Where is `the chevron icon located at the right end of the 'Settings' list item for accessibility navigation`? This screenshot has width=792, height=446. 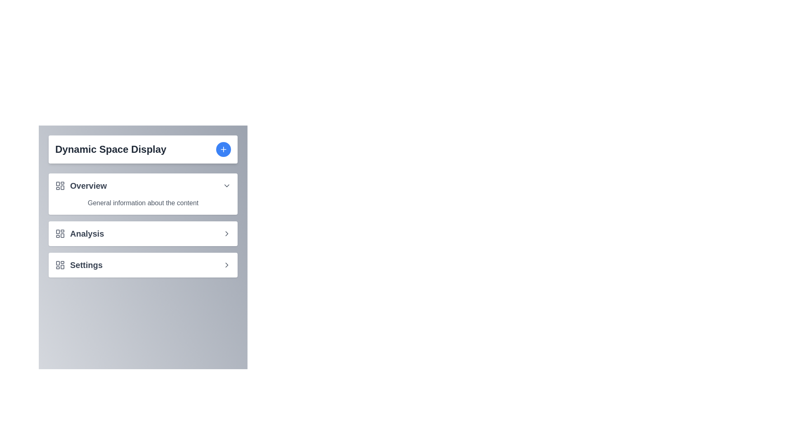
the chevron icon located at the right end of the 'Settings' list item for accessibility navigation is located at coordinates (227, 234).